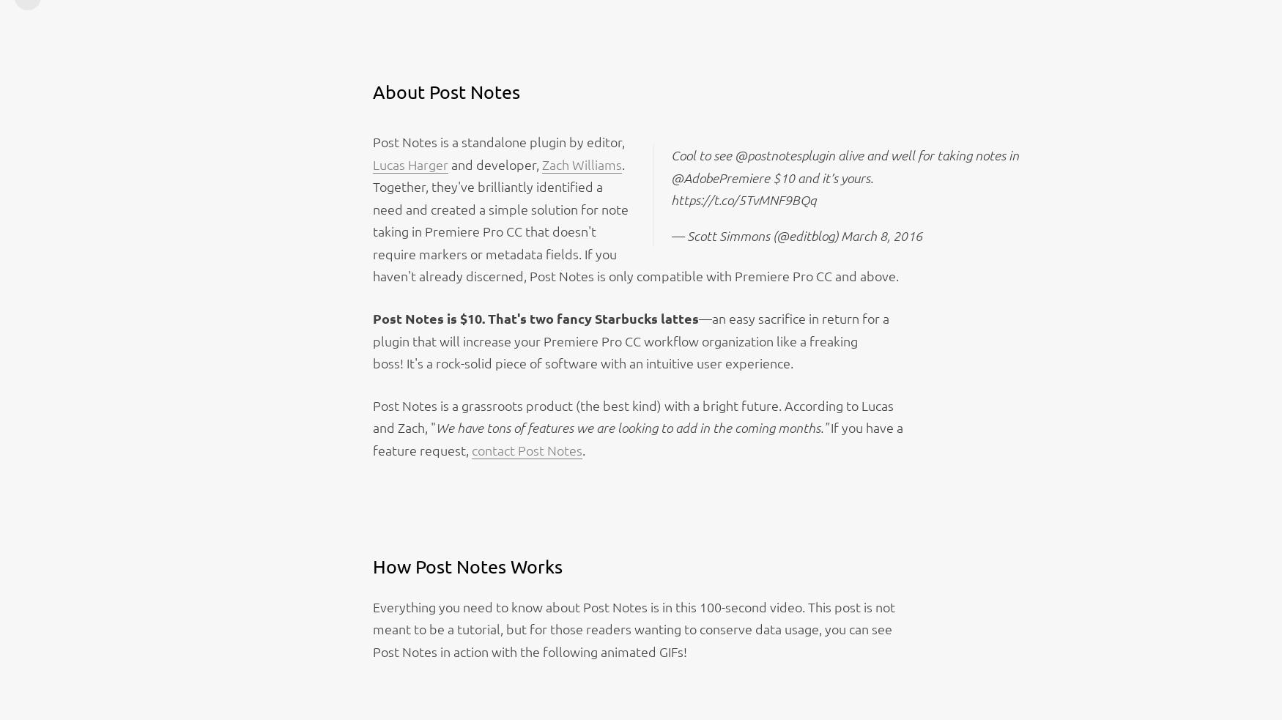 The height and width of the screenshot is (720, 1282). Describe the element at coordinates (637, 439) in the screenshot. I see `'If you have a feature request,'` at that location.